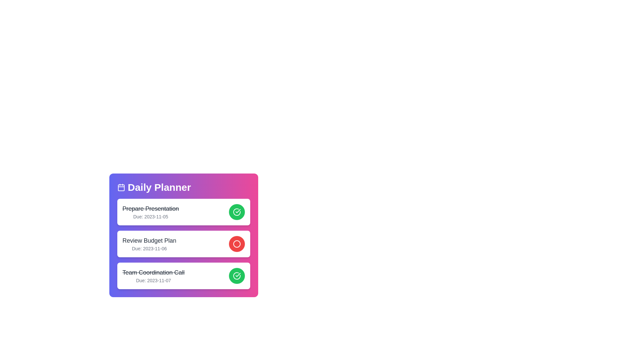  Describe the element at coordinates (237, 276) in the screenshot. I see `status button for the task identified by Team Coordination Call` at that location.